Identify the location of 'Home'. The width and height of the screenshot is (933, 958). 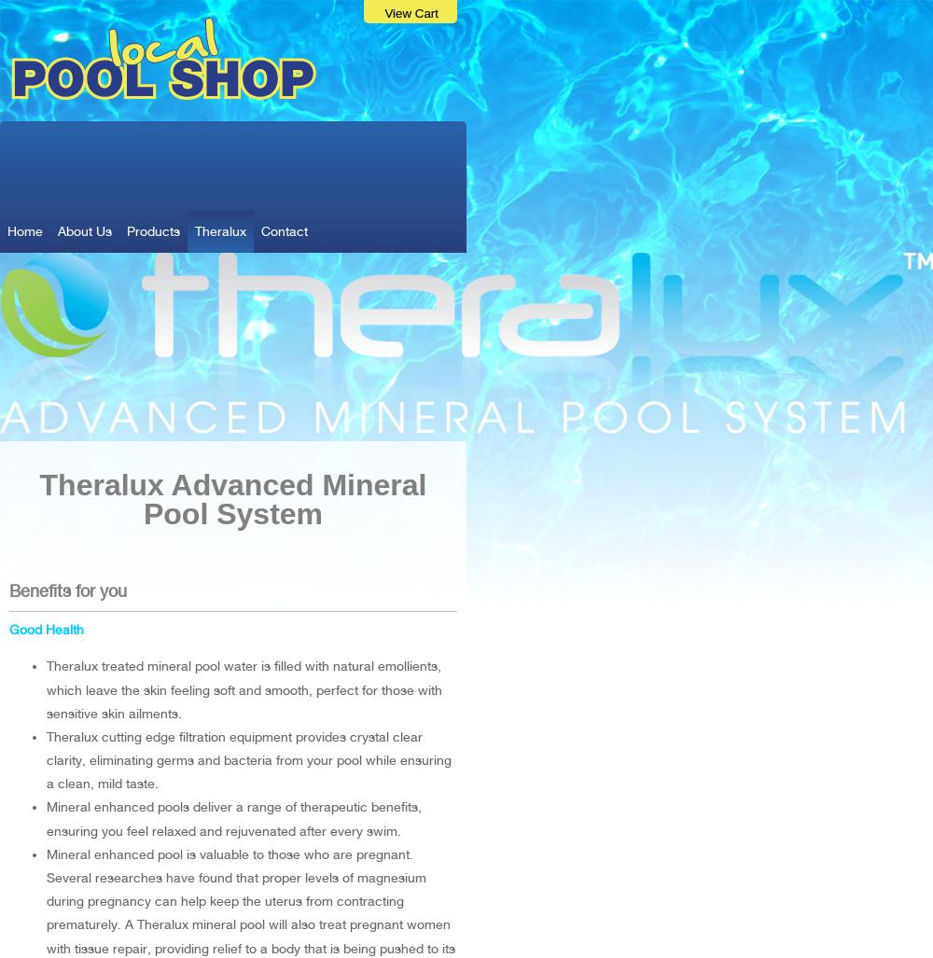
(7, 229).